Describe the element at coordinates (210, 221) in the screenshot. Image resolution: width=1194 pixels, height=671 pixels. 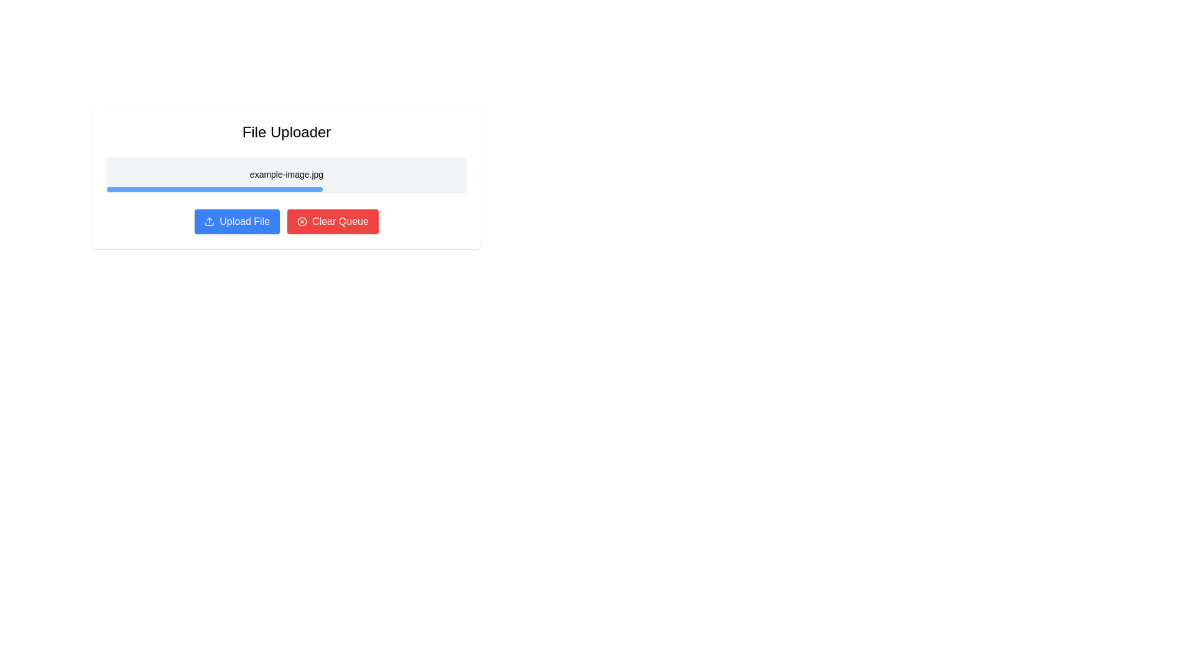
I see `the upload icon, which features an upward-pointing arrow in a minimalistic outline format, located on the left side of the 'Upload File' button under the progress bar` at that location.